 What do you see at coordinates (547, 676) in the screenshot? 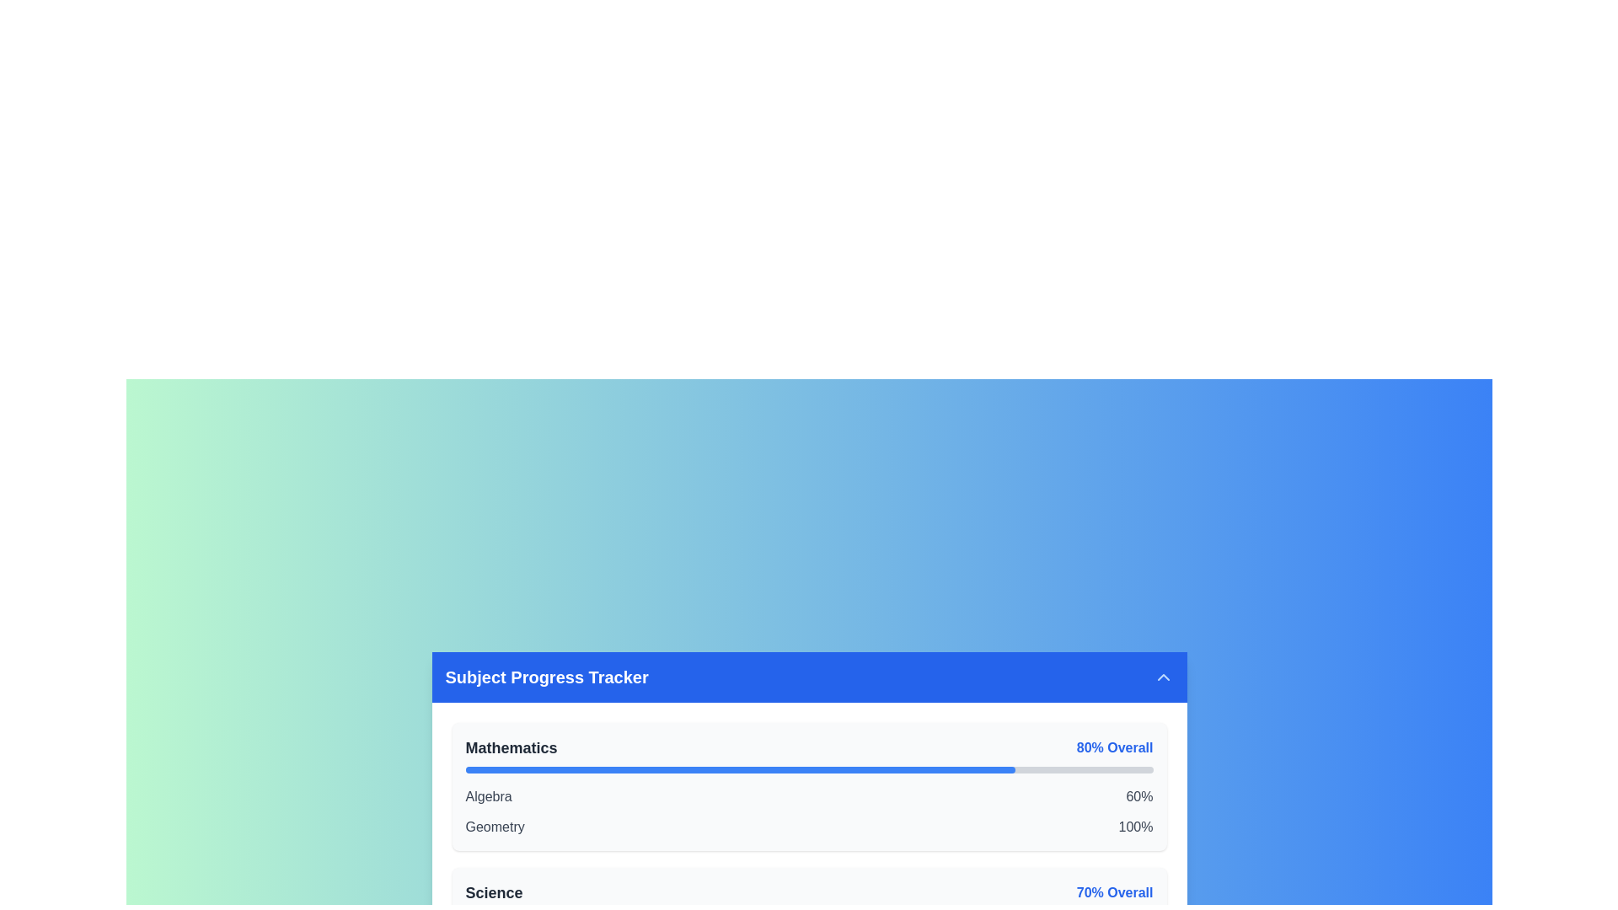
I see `title text element displaying 'Subject Progress Tracker' styled in bold, large font on a blue background, located towards the left side of the header bar` at bounding box center [547, 676].